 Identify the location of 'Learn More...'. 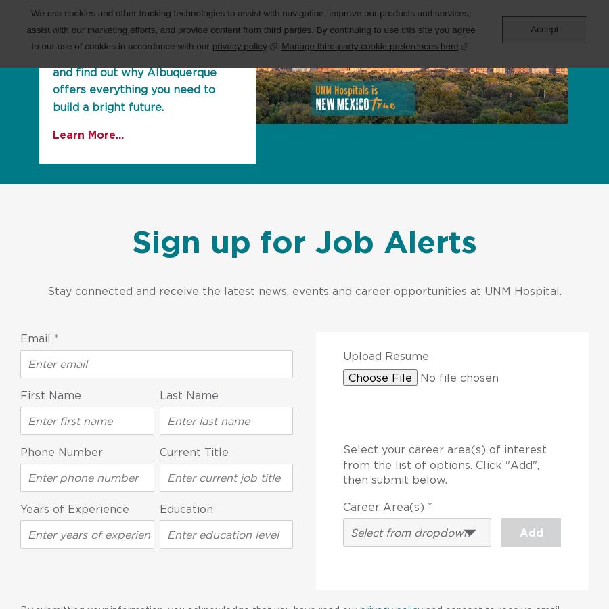
(88, 134).